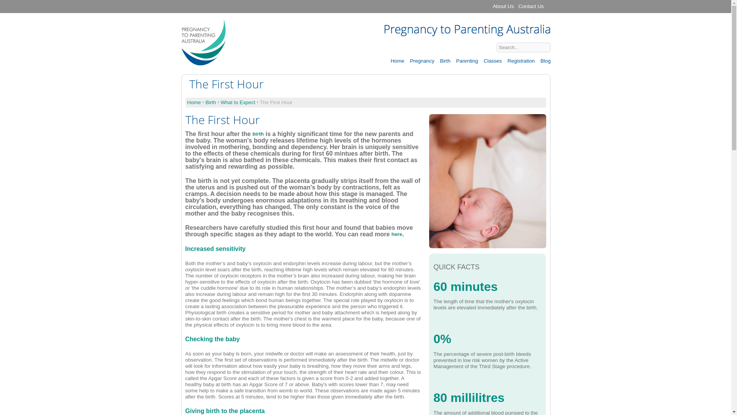 This screenshot has height=415, width=737. What do you see at coordinates (562, 47) in the screenshot?
I see `'Search'` at bounding box center [562, 47].